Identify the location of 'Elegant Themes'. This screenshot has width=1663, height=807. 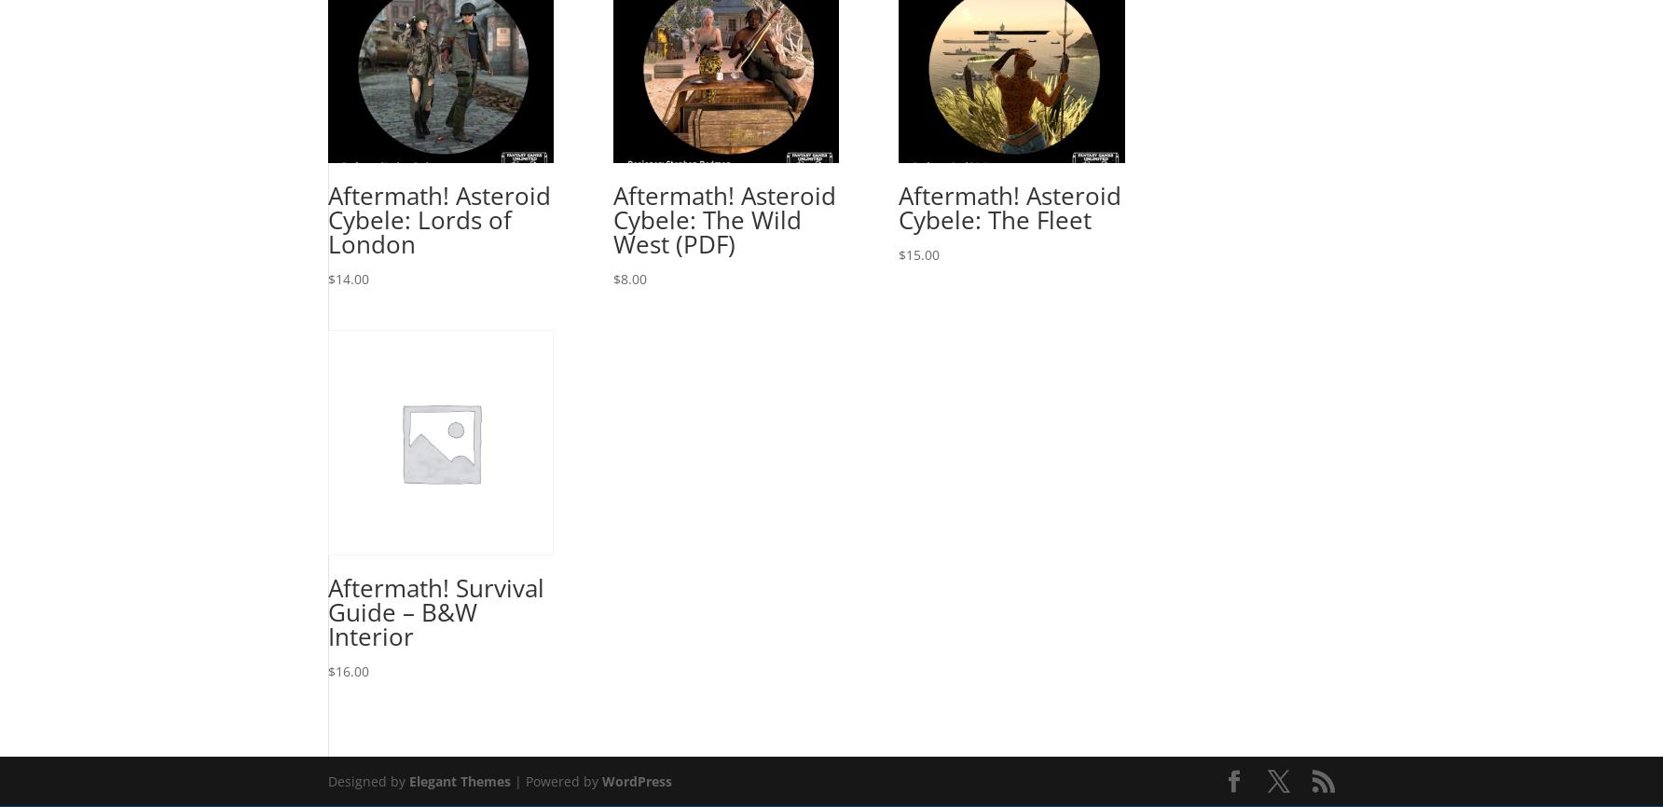
(460, 779).